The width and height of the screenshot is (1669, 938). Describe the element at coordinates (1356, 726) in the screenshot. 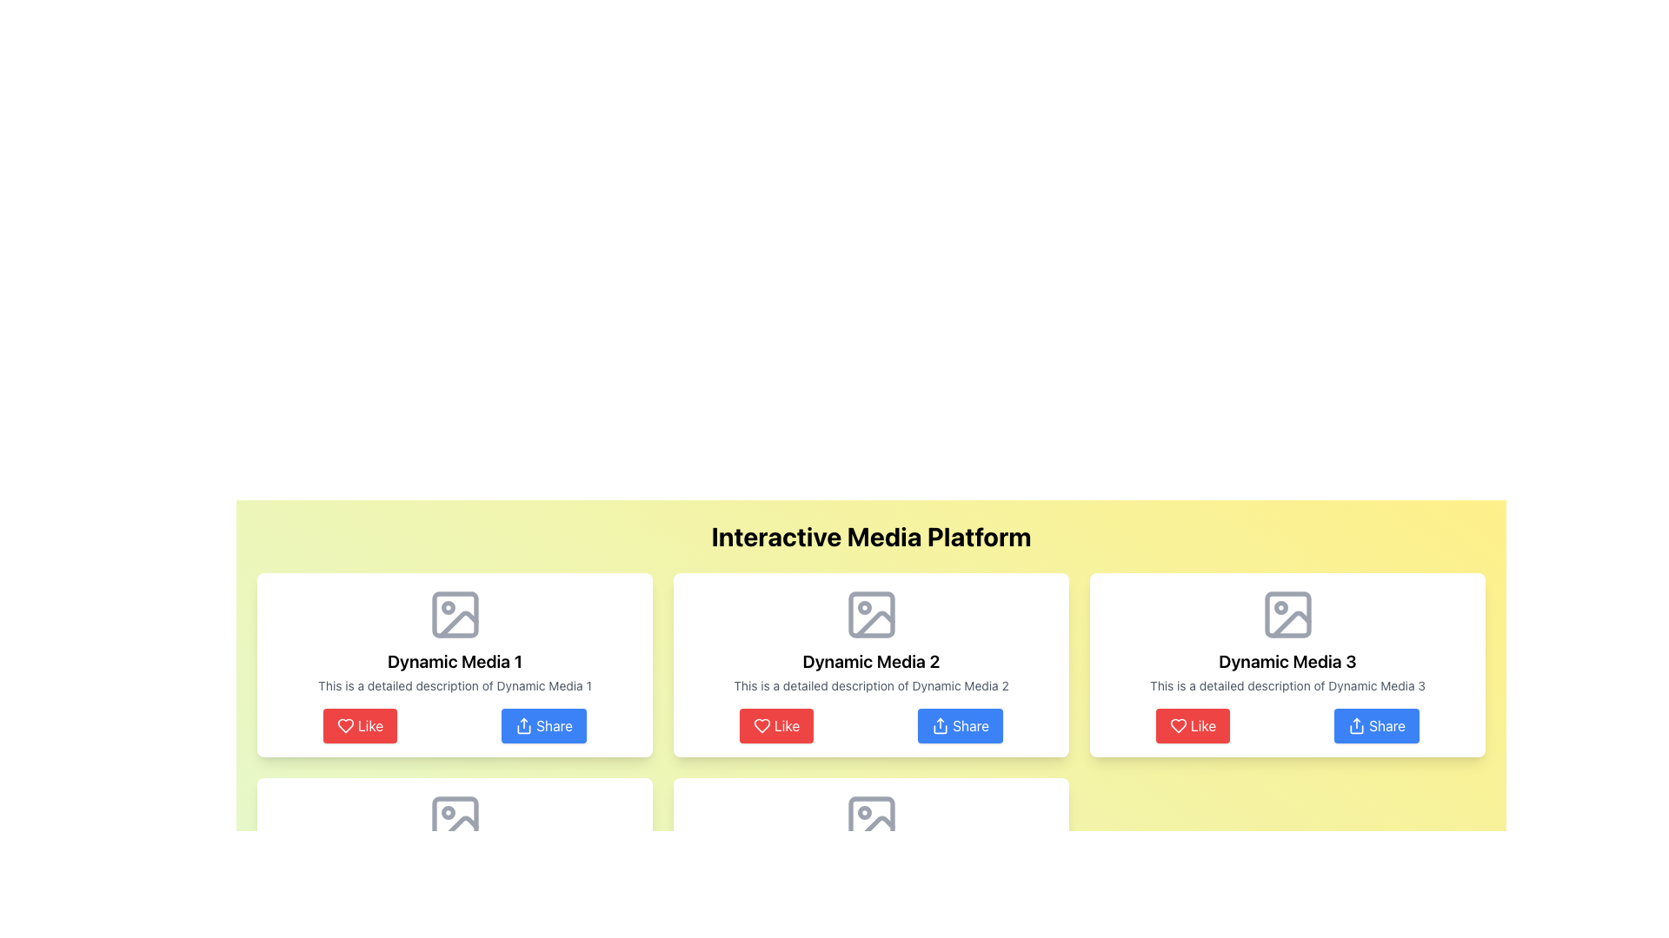

I see `the 'Share' button icon located in the third card titled 'Dynamic Media 3'` at that location.